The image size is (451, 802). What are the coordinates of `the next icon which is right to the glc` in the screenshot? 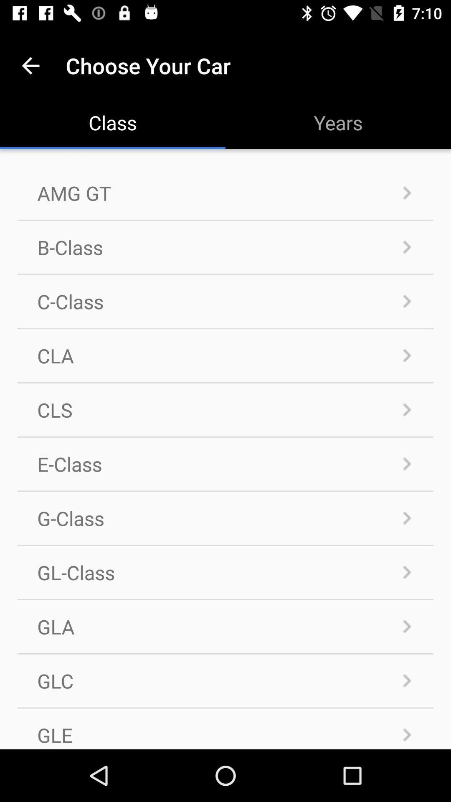 It's located at (407, 681).